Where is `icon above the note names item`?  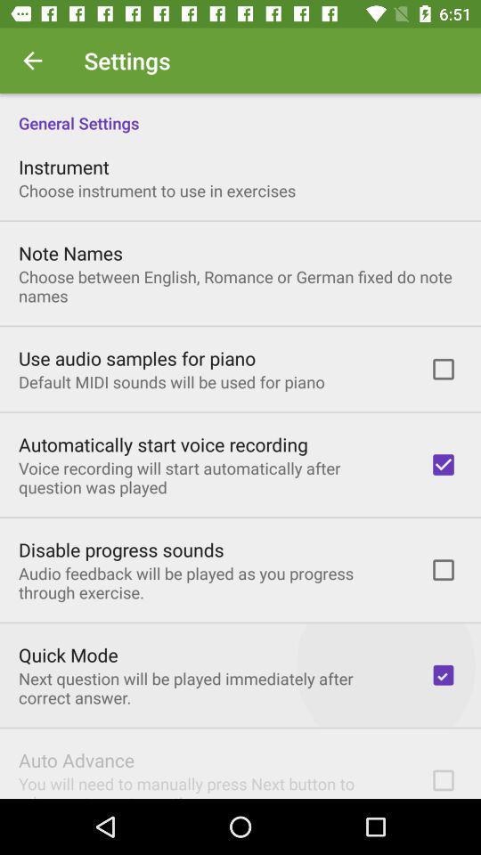
icon above the note names item is located at coordinates (157, 191).